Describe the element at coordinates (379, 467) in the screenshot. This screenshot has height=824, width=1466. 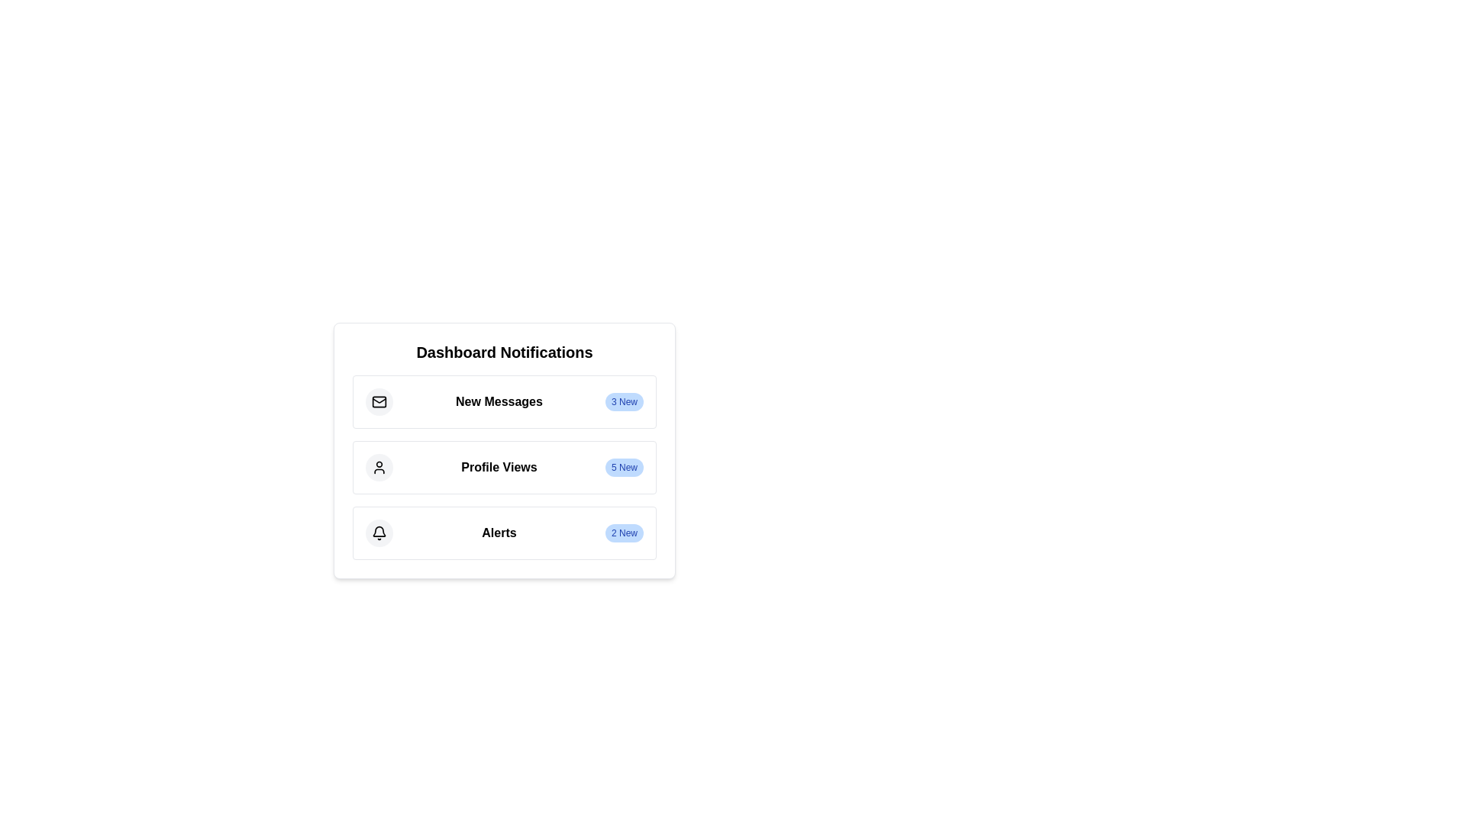
I see `the small circular icon resembling a user silhouette, located in the 'Profile Views' notification row` at that location.